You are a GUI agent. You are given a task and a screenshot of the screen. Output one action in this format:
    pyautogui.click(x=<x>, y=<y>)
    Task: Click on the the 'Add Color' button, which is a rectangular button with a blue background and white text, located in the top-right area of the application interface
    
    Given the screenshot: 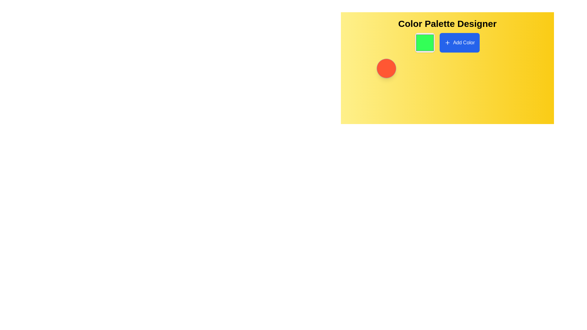 What is the action you would take?
    pyautogui.click(x=460, y=42)
    